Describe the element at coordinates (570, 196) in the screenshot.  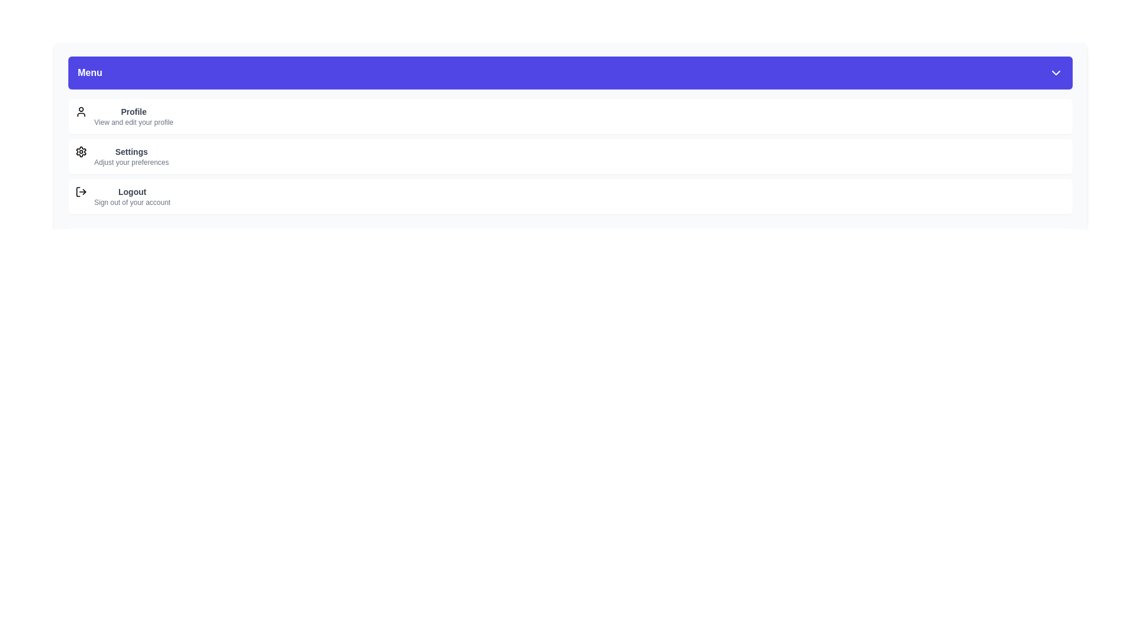
I see `the menu item labeled Logout to highlight it` at that location.